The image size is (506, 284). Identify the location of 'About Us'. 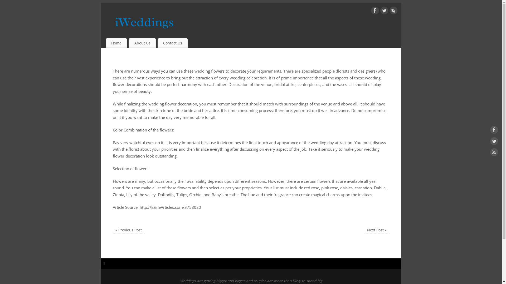
(129, 43).